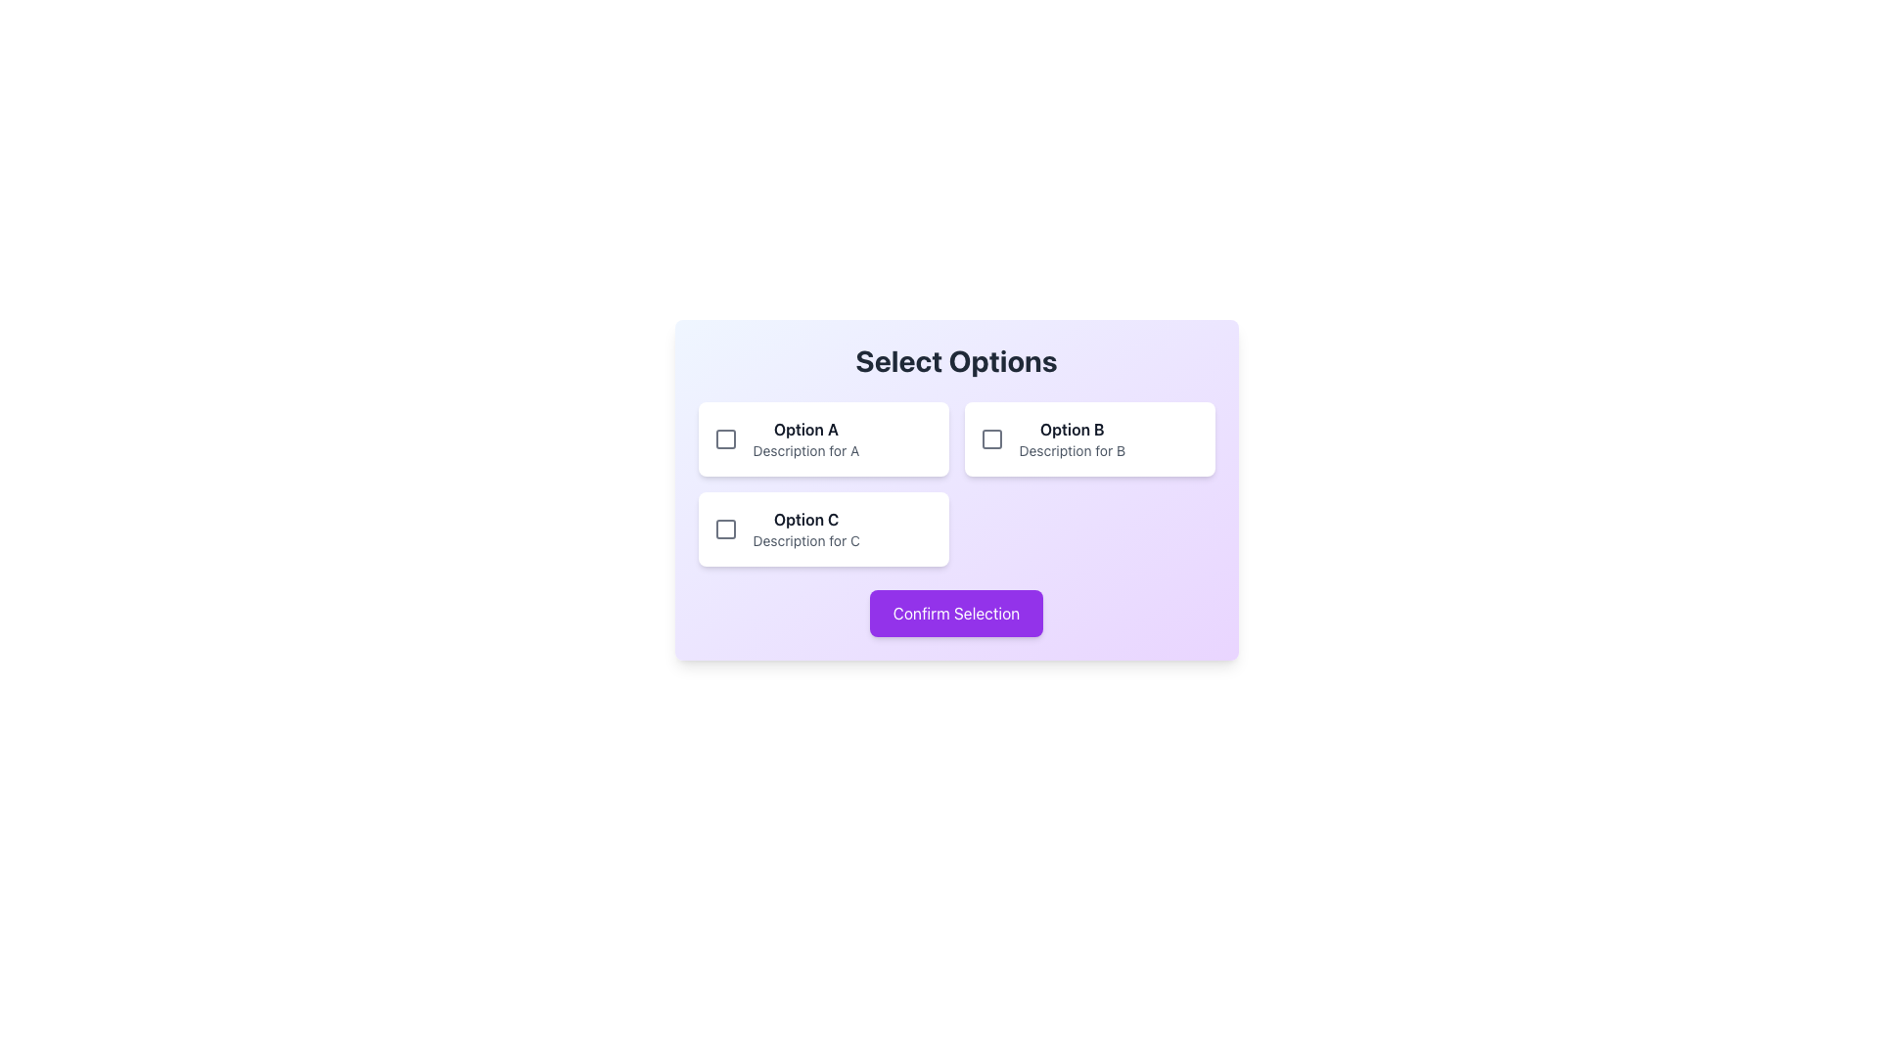  I want to click on the descriptive text label located below 'Option A' in the selection dialog, so click(805, 451).